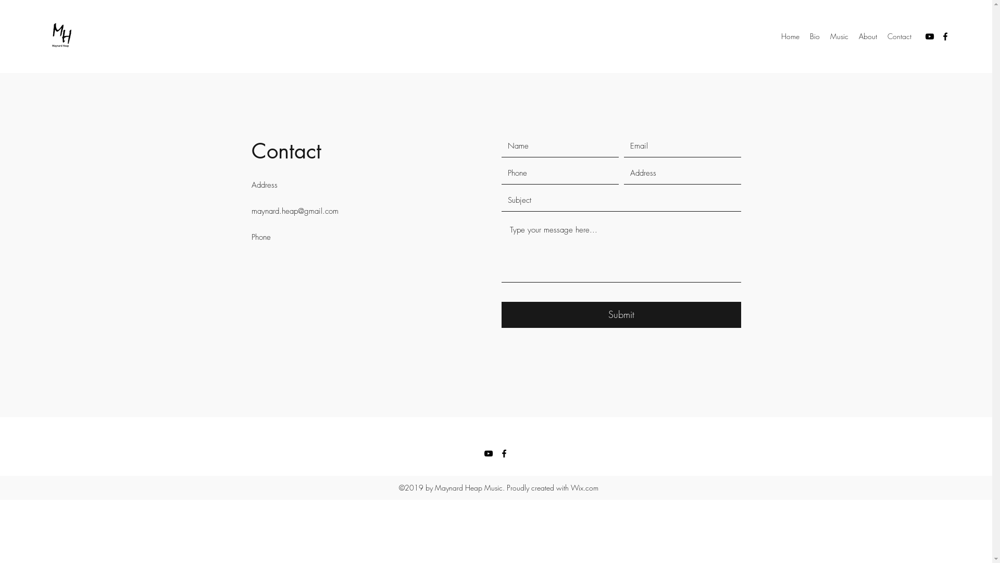 Image resolution: width=1000 pixels, height=563 pixels. What do you see at coordinates (839, 35) in the screenshot?
I see `'Music'` at bounding box center [839, 35].